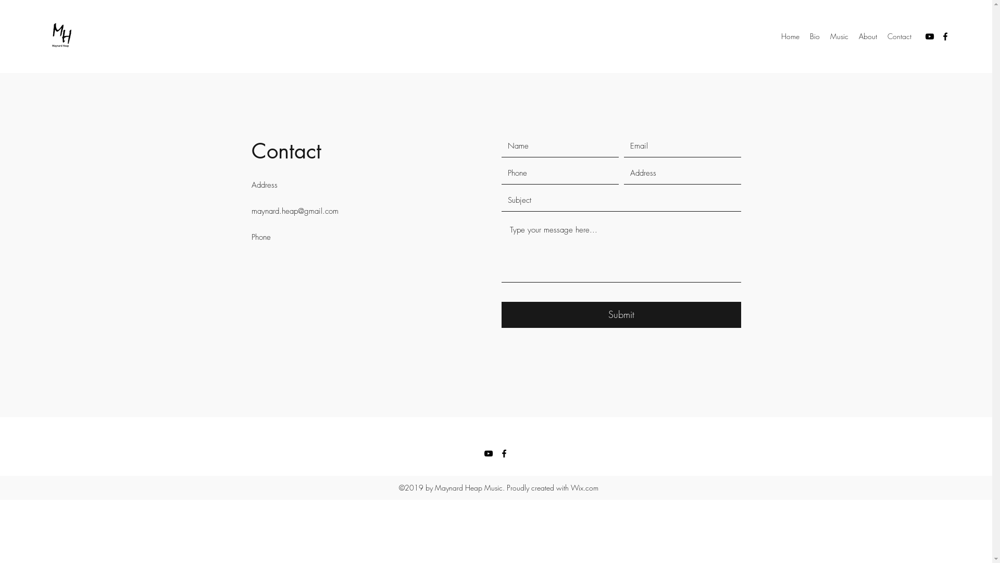 Image resolution: width=1000 pixels, height=563 pixels. What do you see at coordinates (839, 35) in the screenshot?
I see `'Music'` at bounding box center [839, 35].